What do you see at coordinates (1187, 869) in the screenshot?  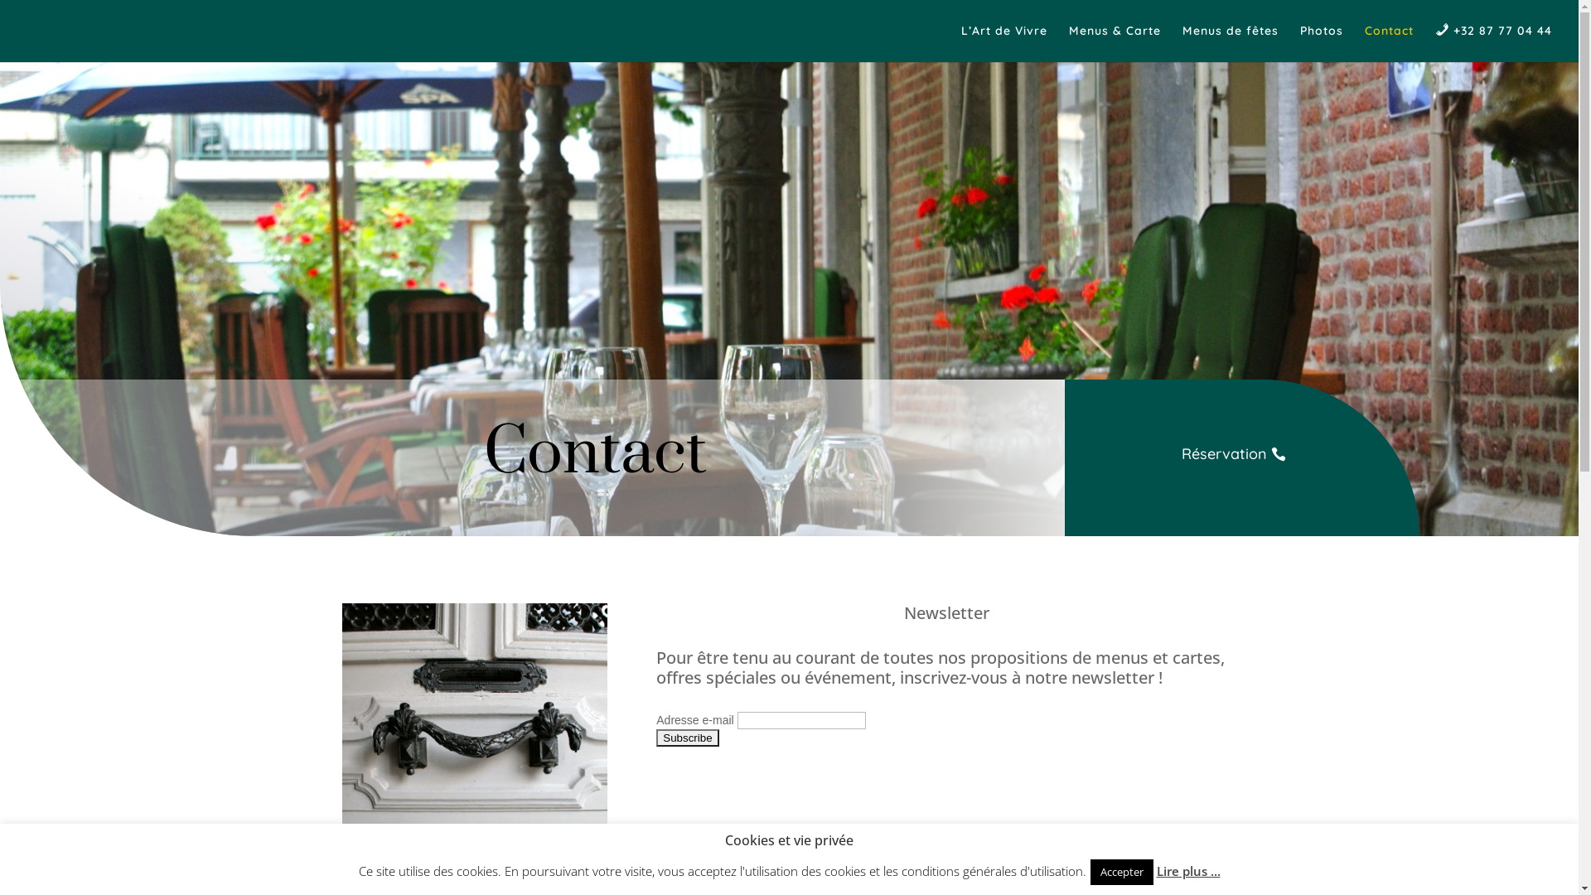 I see `'Lire plus ...'` at bounding box center [1187, 869].